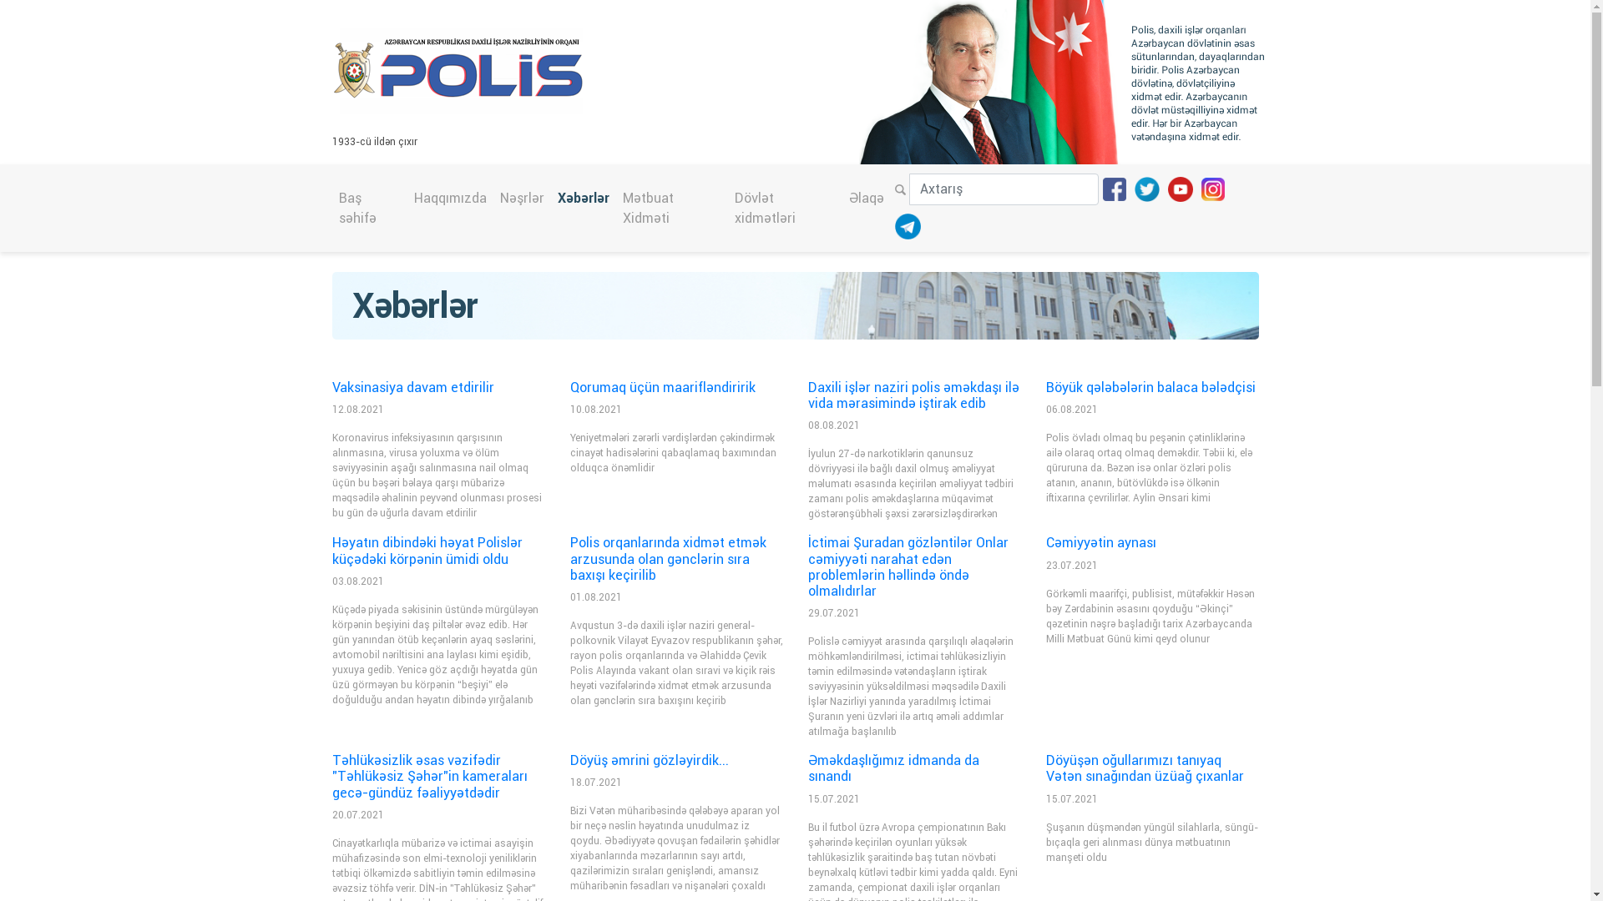  I want to click on 'Vaksinasiya davam etdirilir', so click(412, 387).